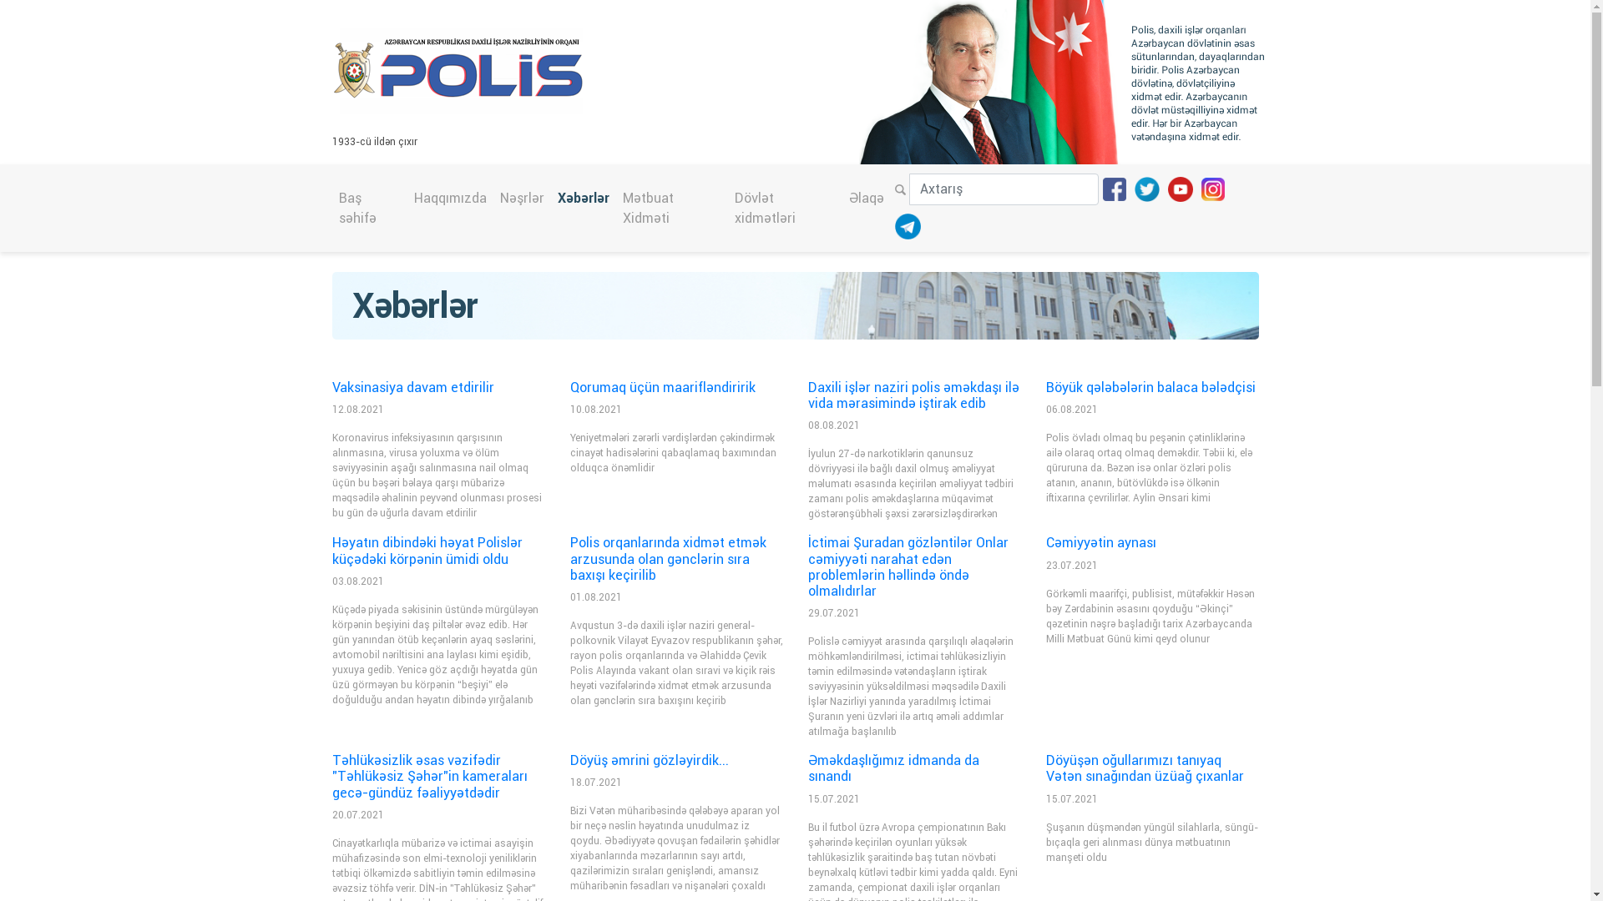  I want to click on 'Vaksinasiya davam etdirilir', so click(412, 387).